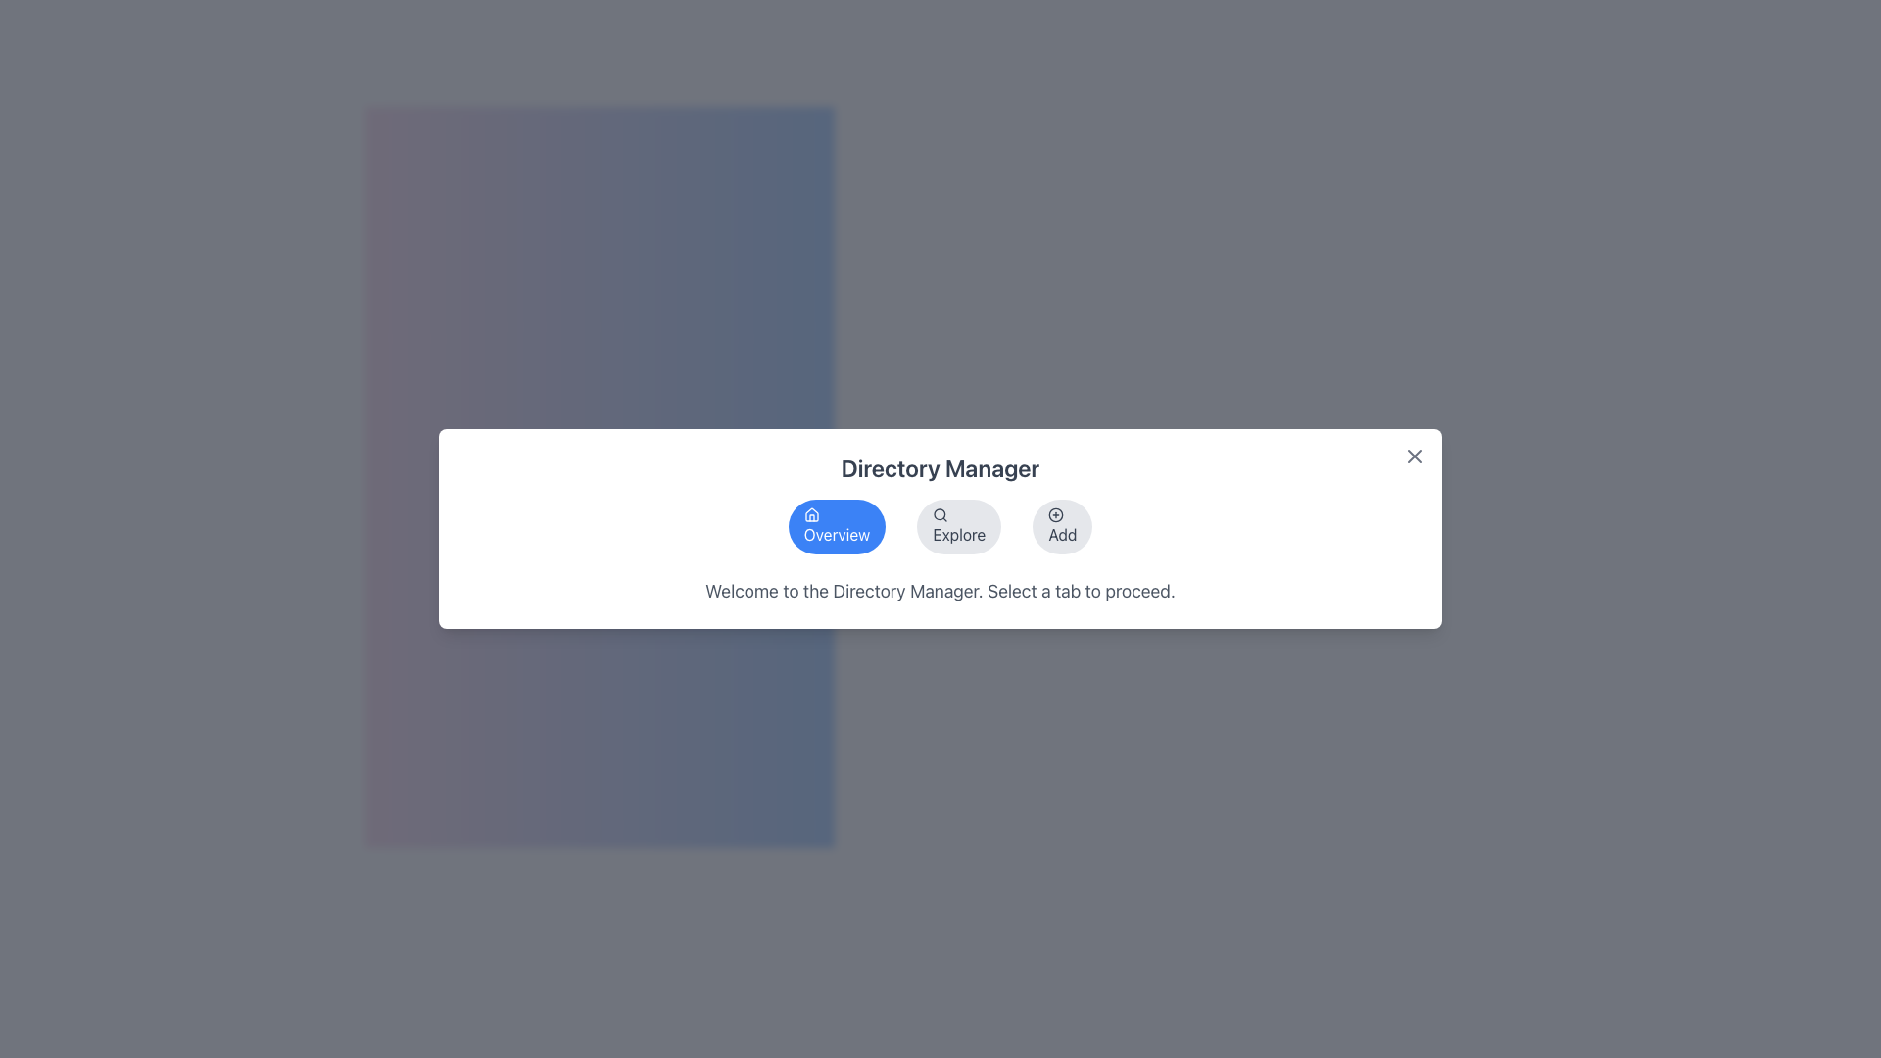  What do you see at coordinates (1061, 525) in the screenshot?
I see `the third button in the 'Directory Manager' modal` at bounding box center [1061, 525].